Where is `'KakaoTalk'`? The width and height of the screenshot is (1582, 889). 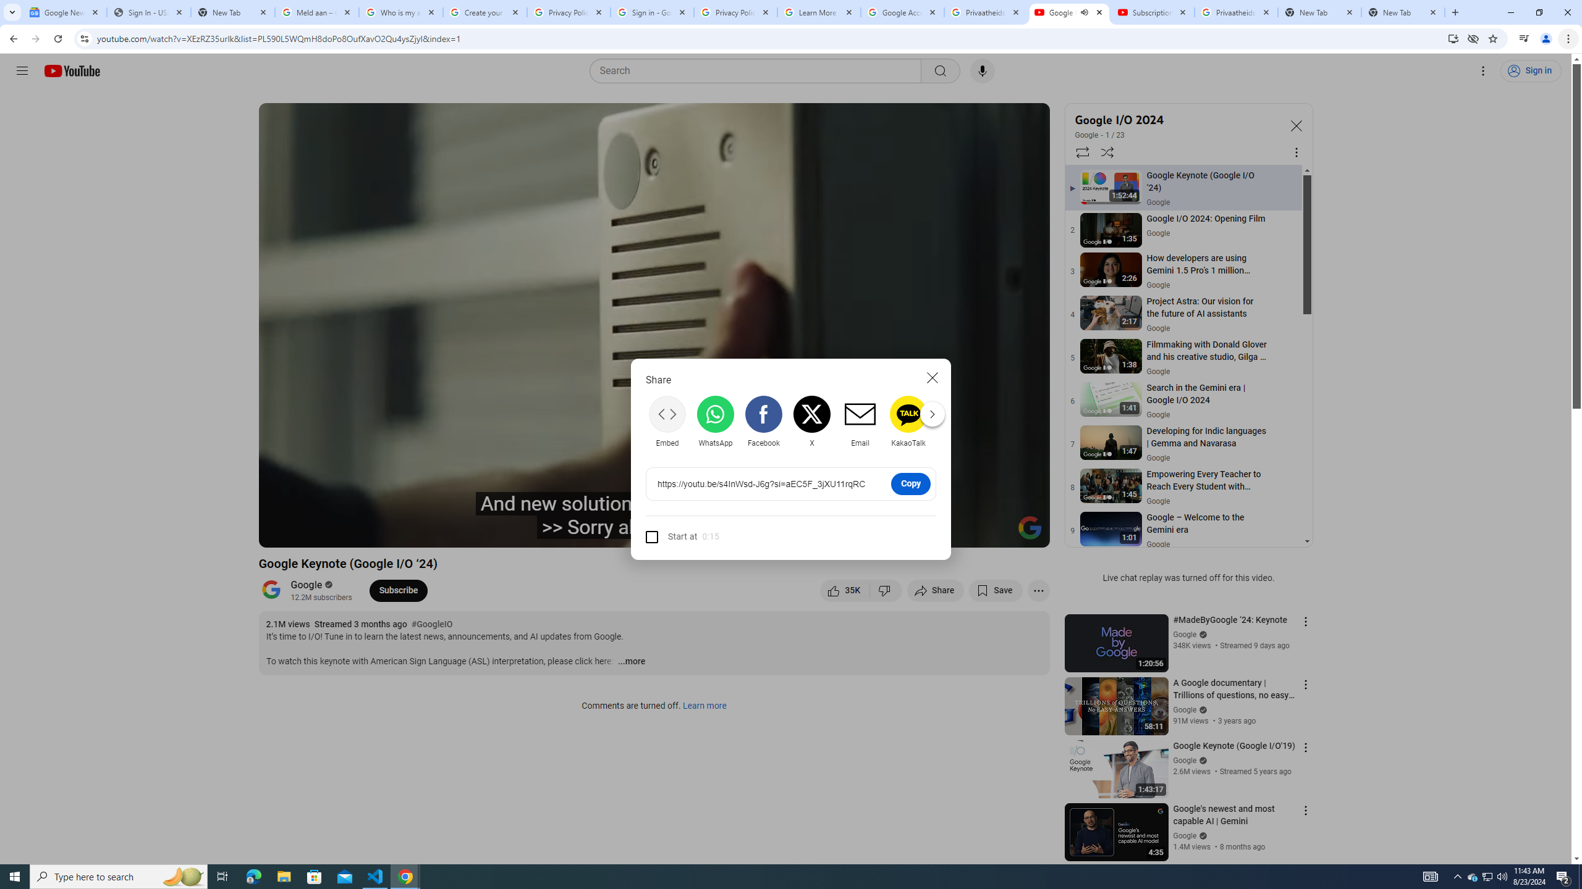 'KakaoTalk' is located at coordinates (908, 421).